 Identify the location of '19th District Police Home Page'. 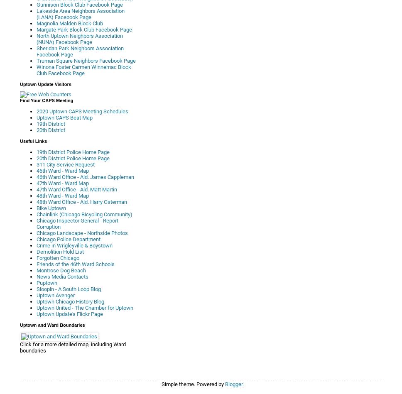
(36, 152).